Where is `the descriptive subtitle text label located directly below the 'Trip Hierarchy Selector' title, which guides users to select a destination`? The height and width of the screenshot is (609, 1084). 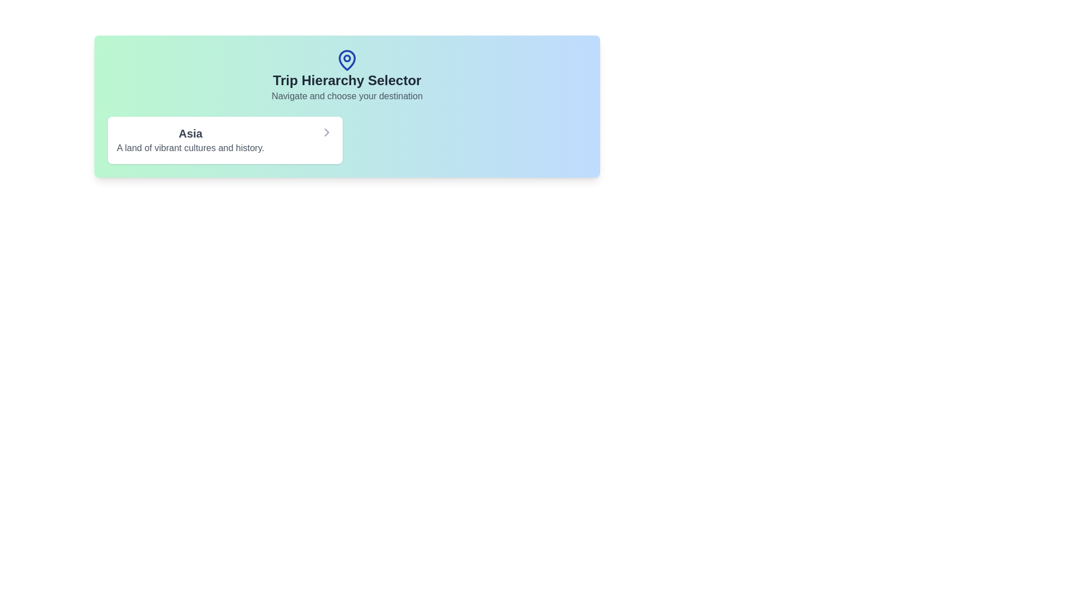
the descriptive subtitle text label located directly below the 'Trip Hierarchy Selector' title, which guides users to select a destination is located at coordinates (346, 95).